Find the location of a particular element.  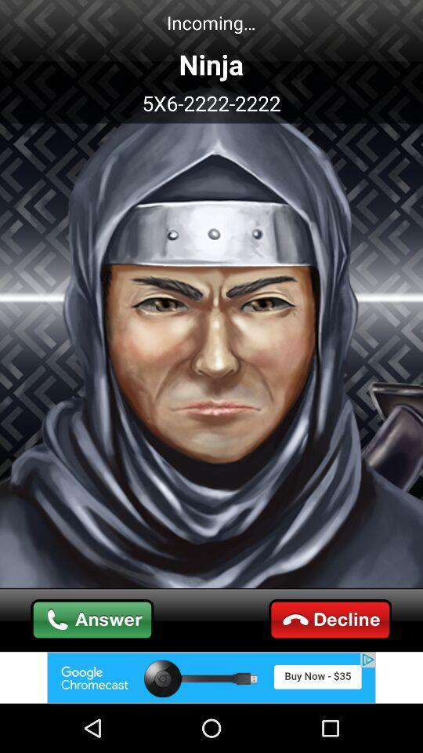

decline call is located at coordinates (329, 620).